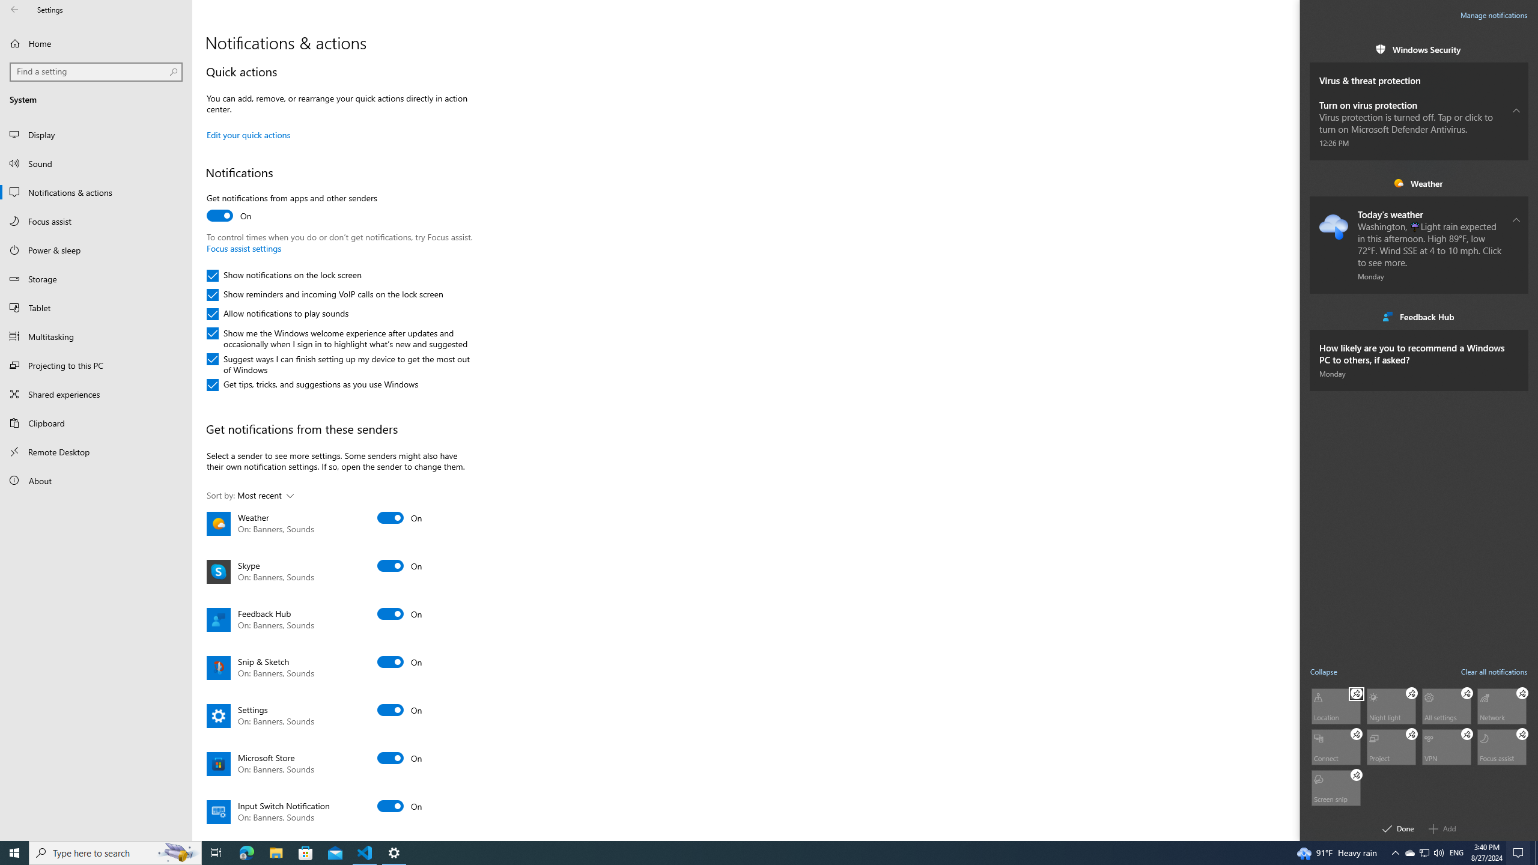 The image size is (1538, 865). Describe the element at coordinates (1324, 671) in the screenshot. I see `'Collapse quick actions'` at that location.